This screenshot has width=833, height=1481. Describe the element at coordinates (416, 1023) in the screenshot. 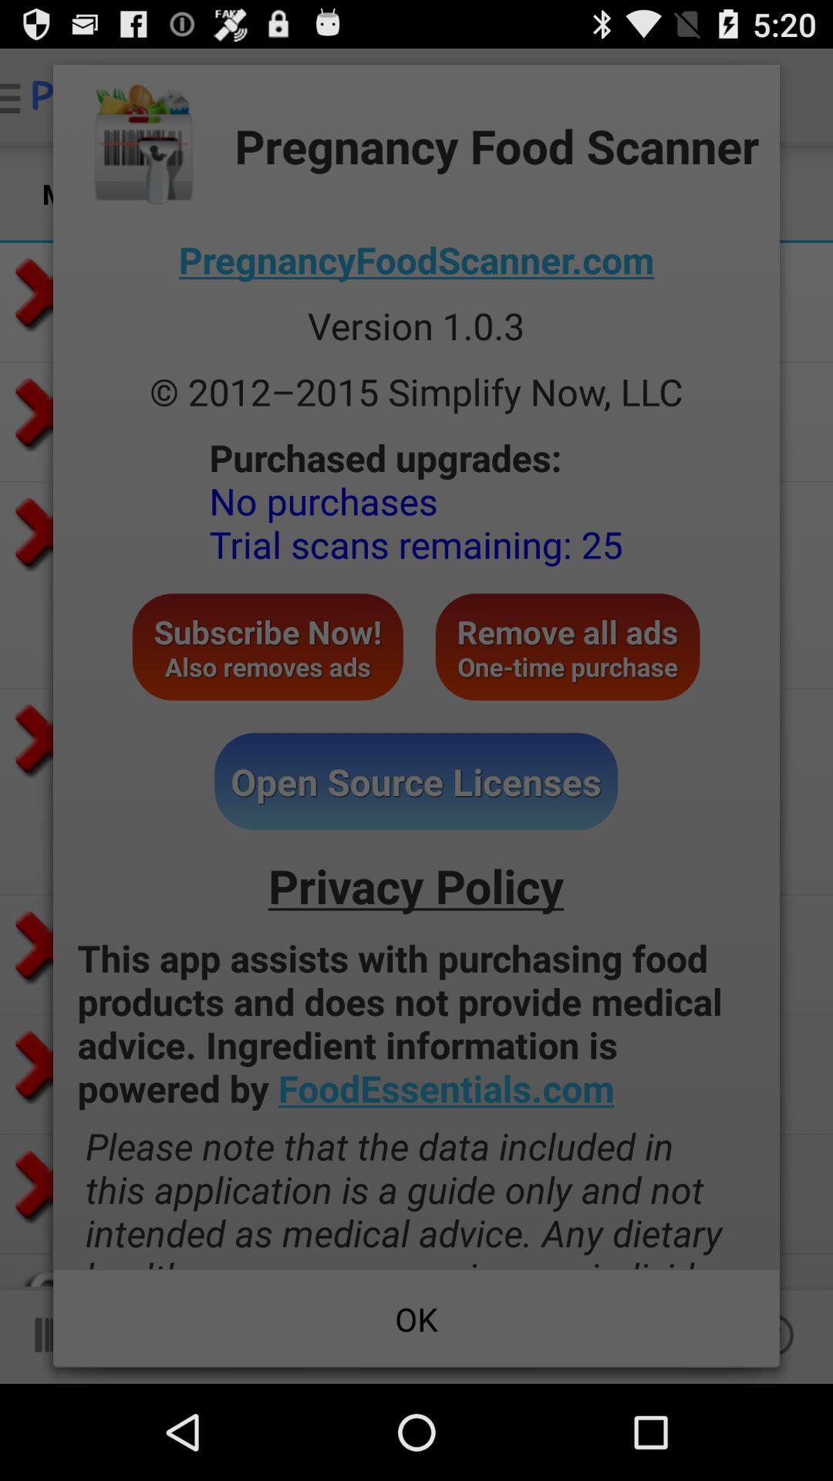

I see `the app above please note that item` at that location.